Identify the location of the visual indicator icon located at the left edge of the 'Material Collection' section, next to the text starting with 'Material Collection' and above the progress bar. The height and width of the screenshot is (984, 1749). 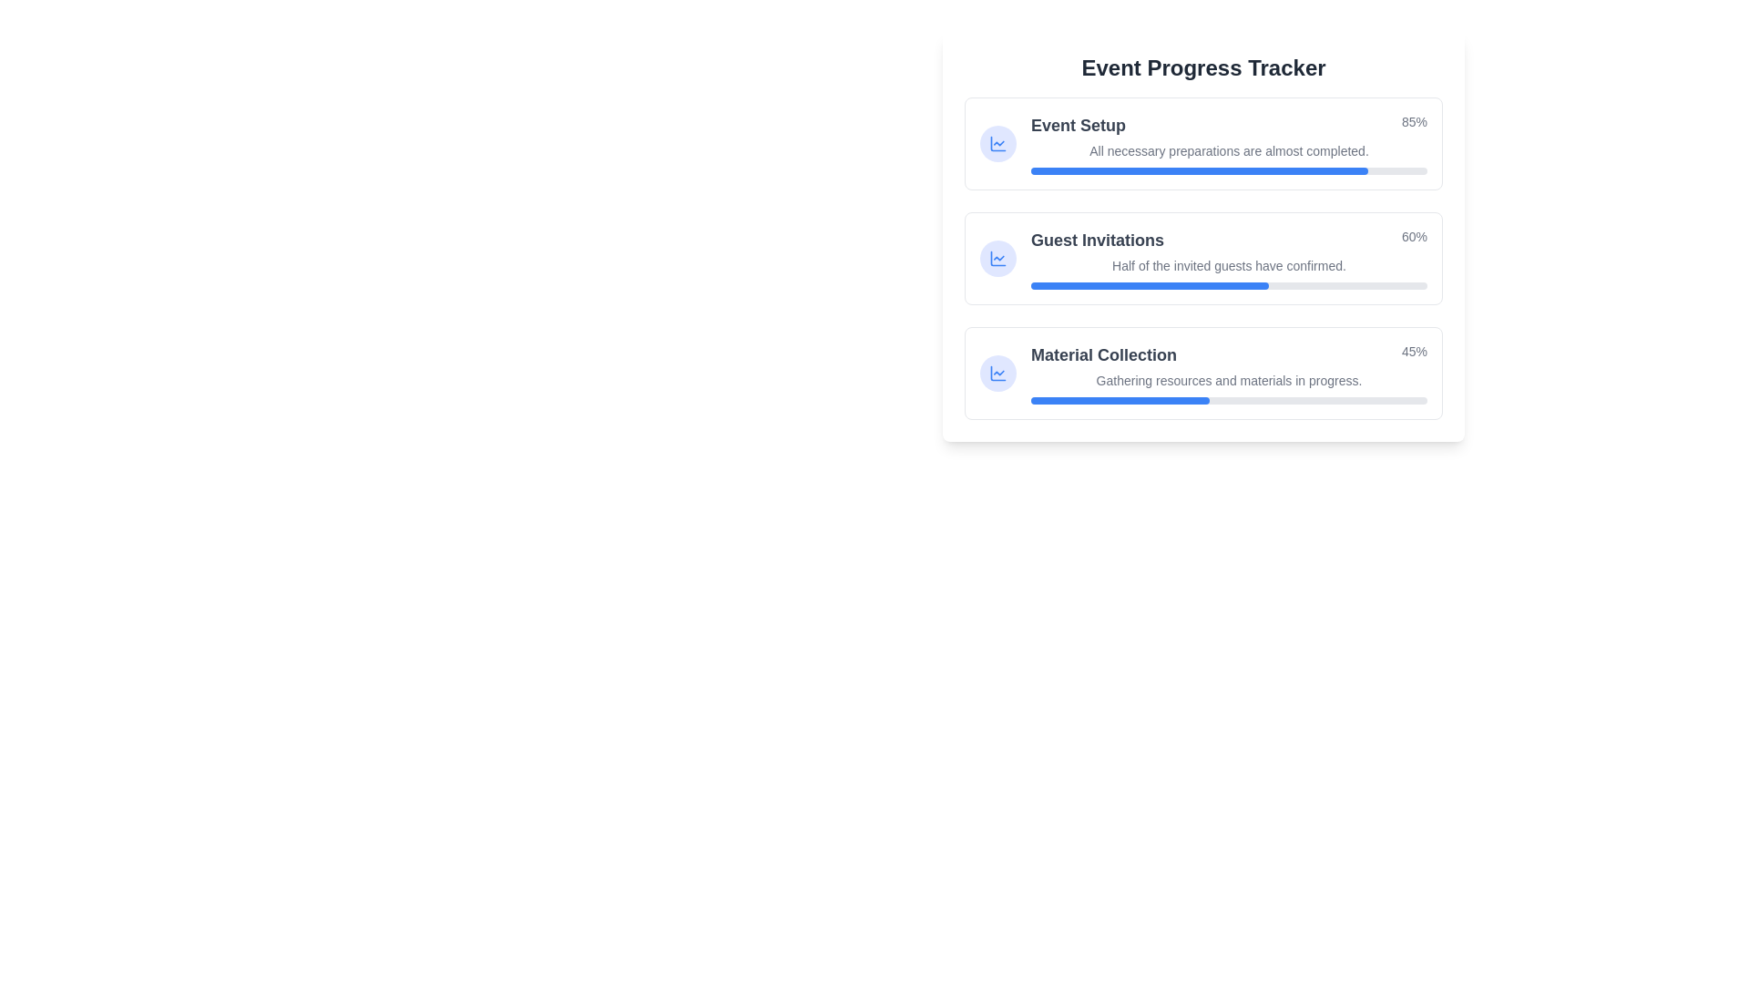
(997, 372).